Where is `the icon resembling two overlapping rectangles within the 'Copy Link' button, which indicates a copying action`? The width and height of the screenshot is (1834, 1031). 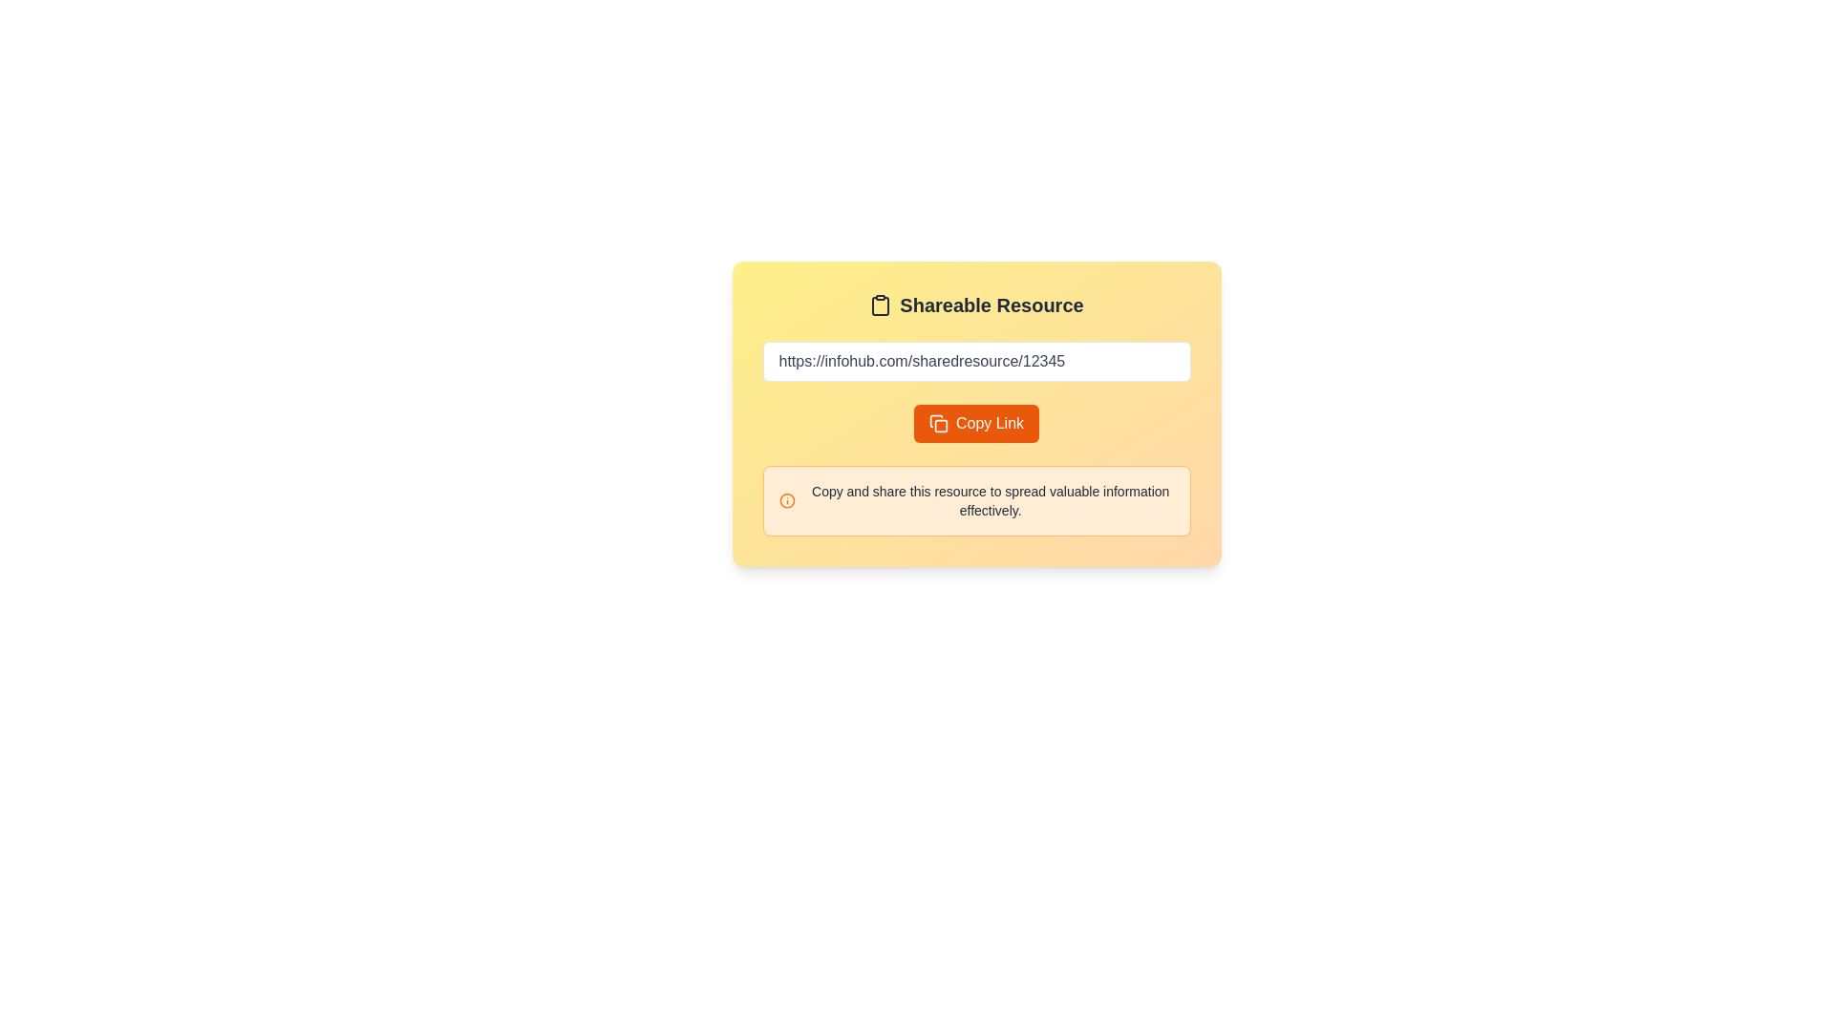 the icon resembling two overlapping rectangles within the 'Copy Link' button, which indicates a copying action is located at coordinates (938, 422).